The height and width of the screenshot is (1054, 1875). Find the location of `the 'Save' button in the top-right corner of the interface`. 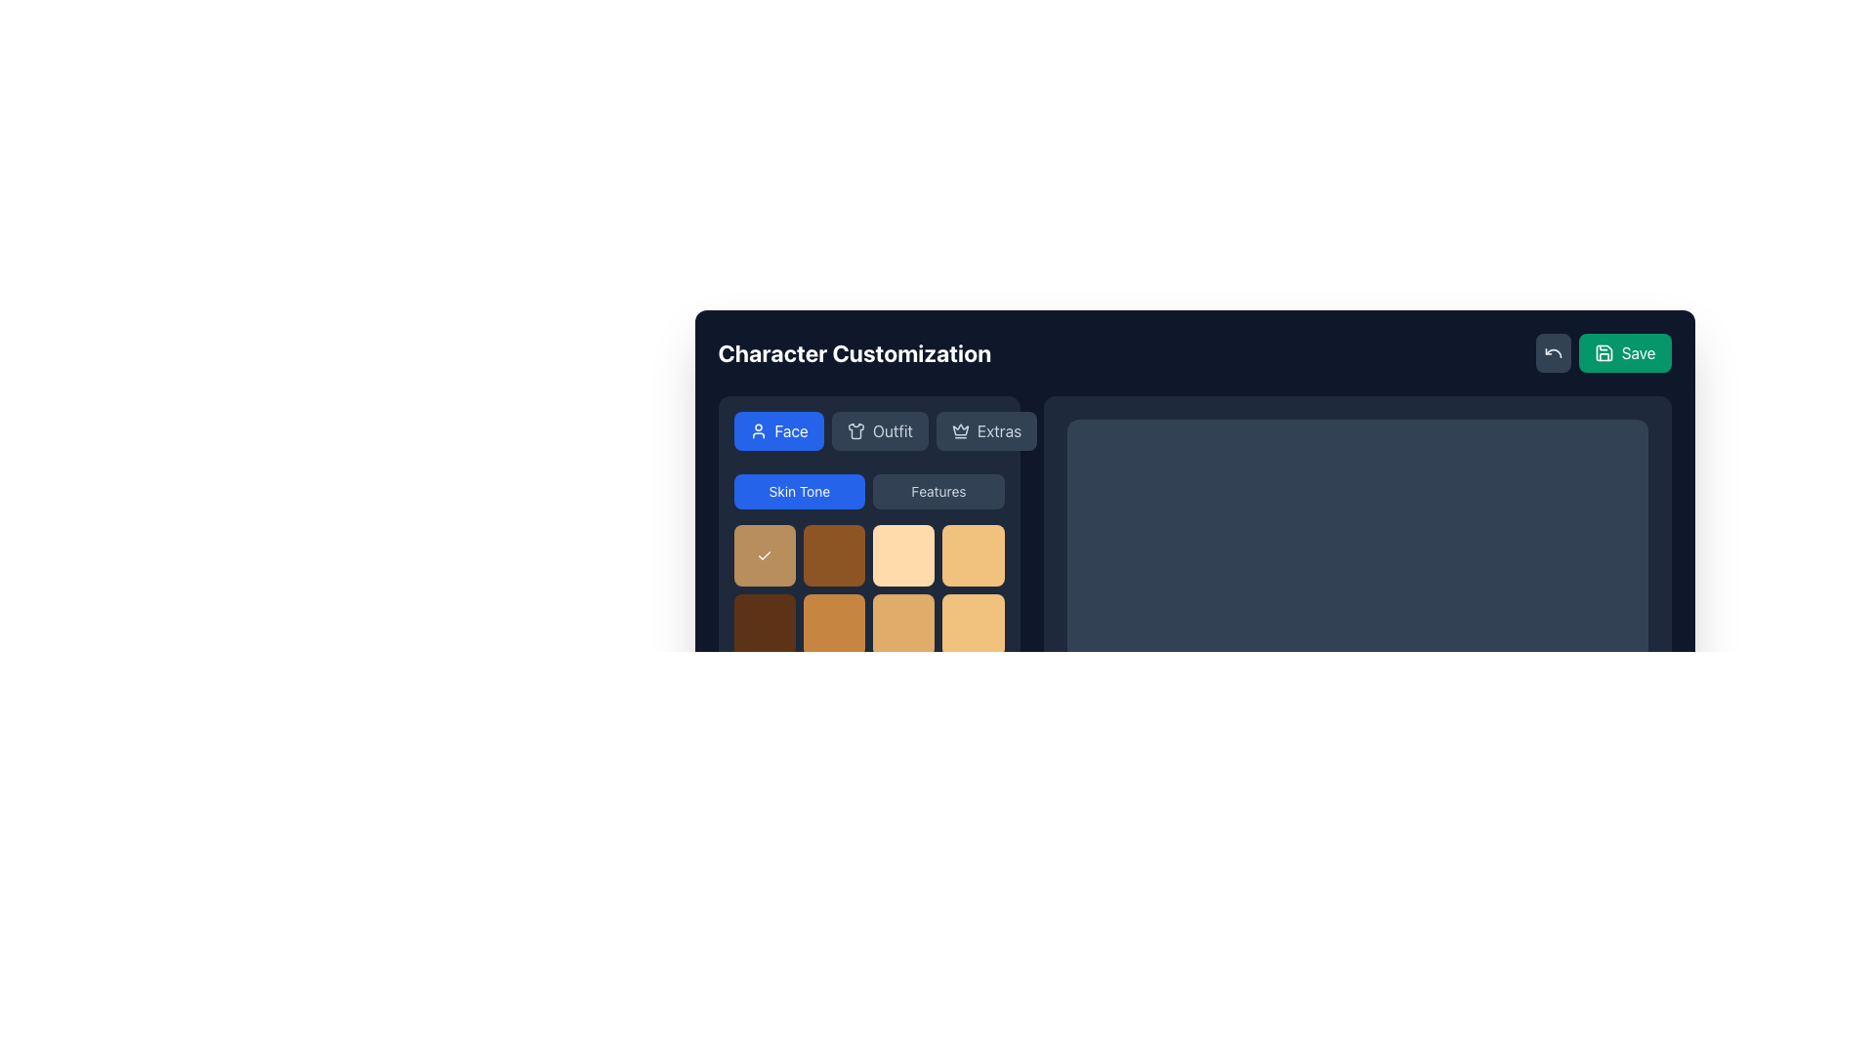

the 'Save' button in the top-right corner of the interface is located at coordinates (1604, 353).